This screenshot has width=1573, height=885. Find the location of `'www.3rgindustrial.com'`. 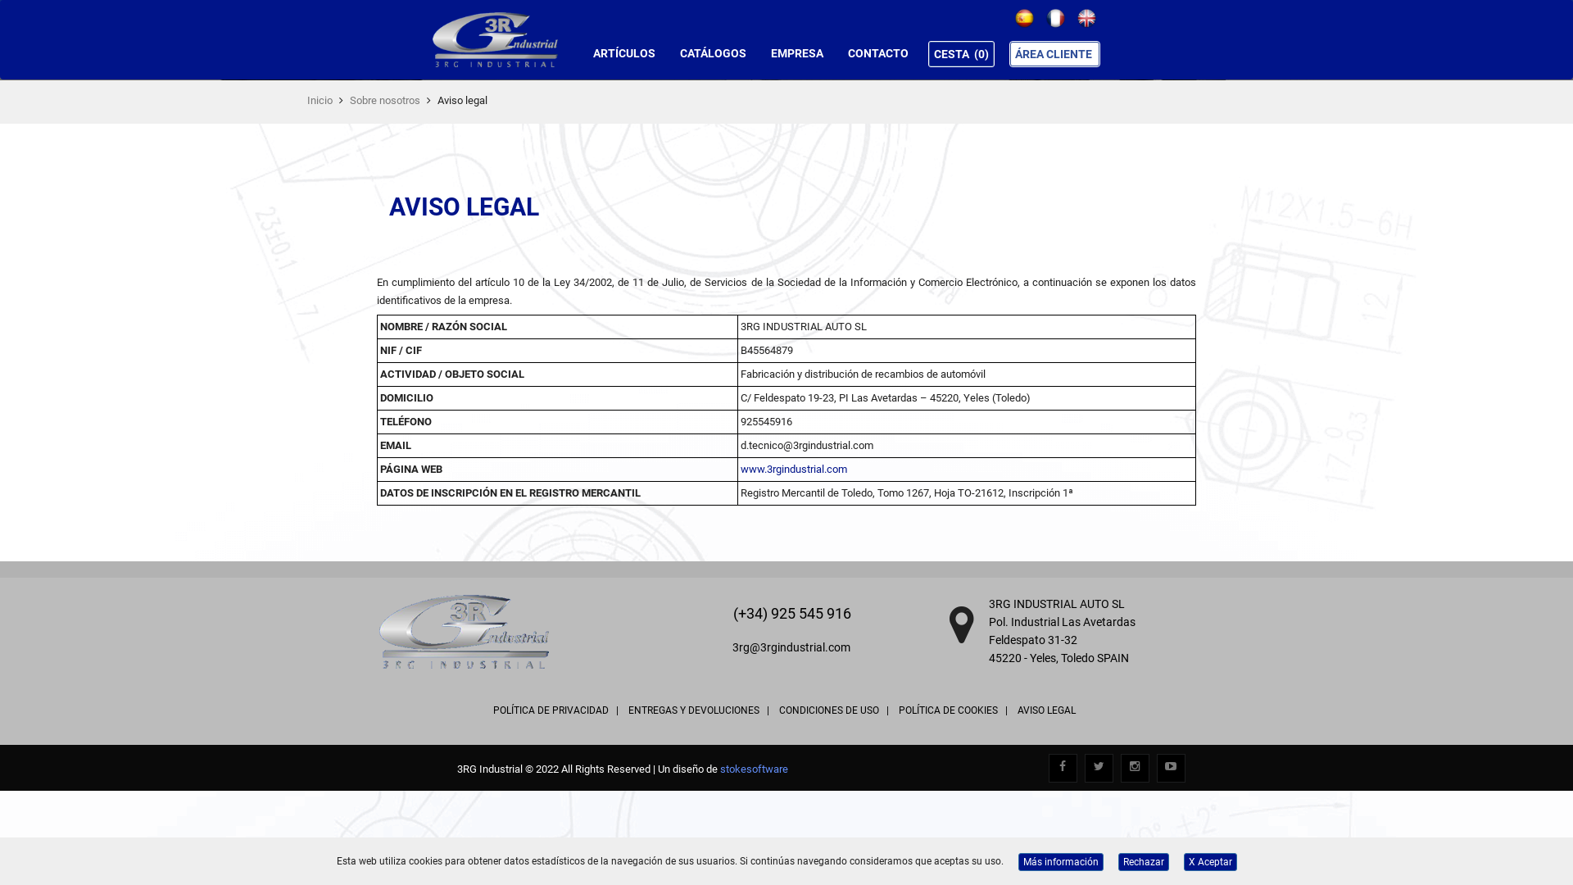

'www.3rgindustrial.com' is located at coordinates (794, 469).